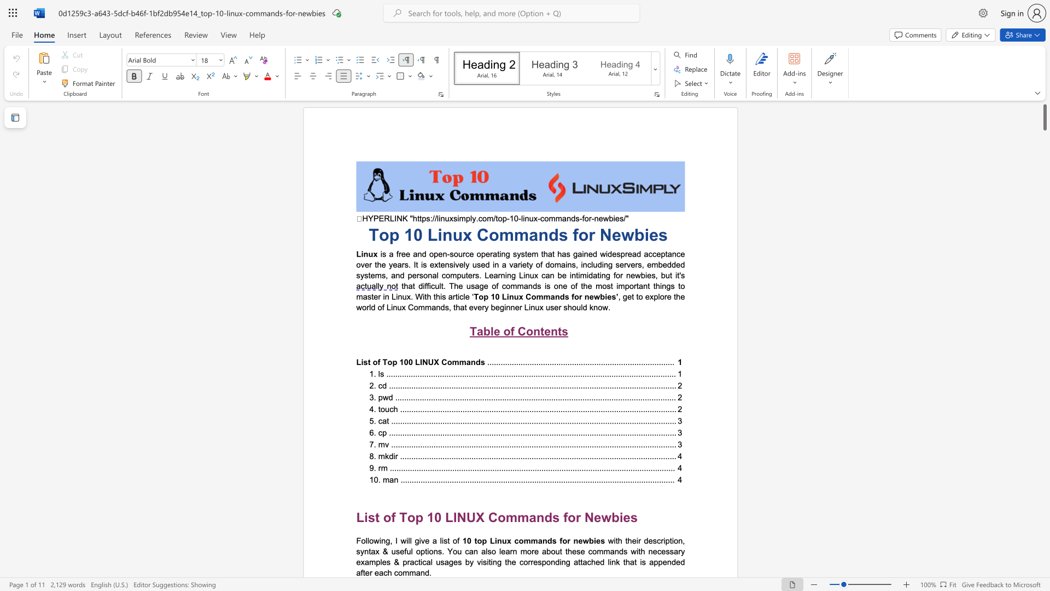 Image resolution: width=1050 pixels, height=591 pixels. What do you see at coordinates (561, 551) in the screenshot?
I see `the 6th character "t" in the text` at bounding box center [561, 551].